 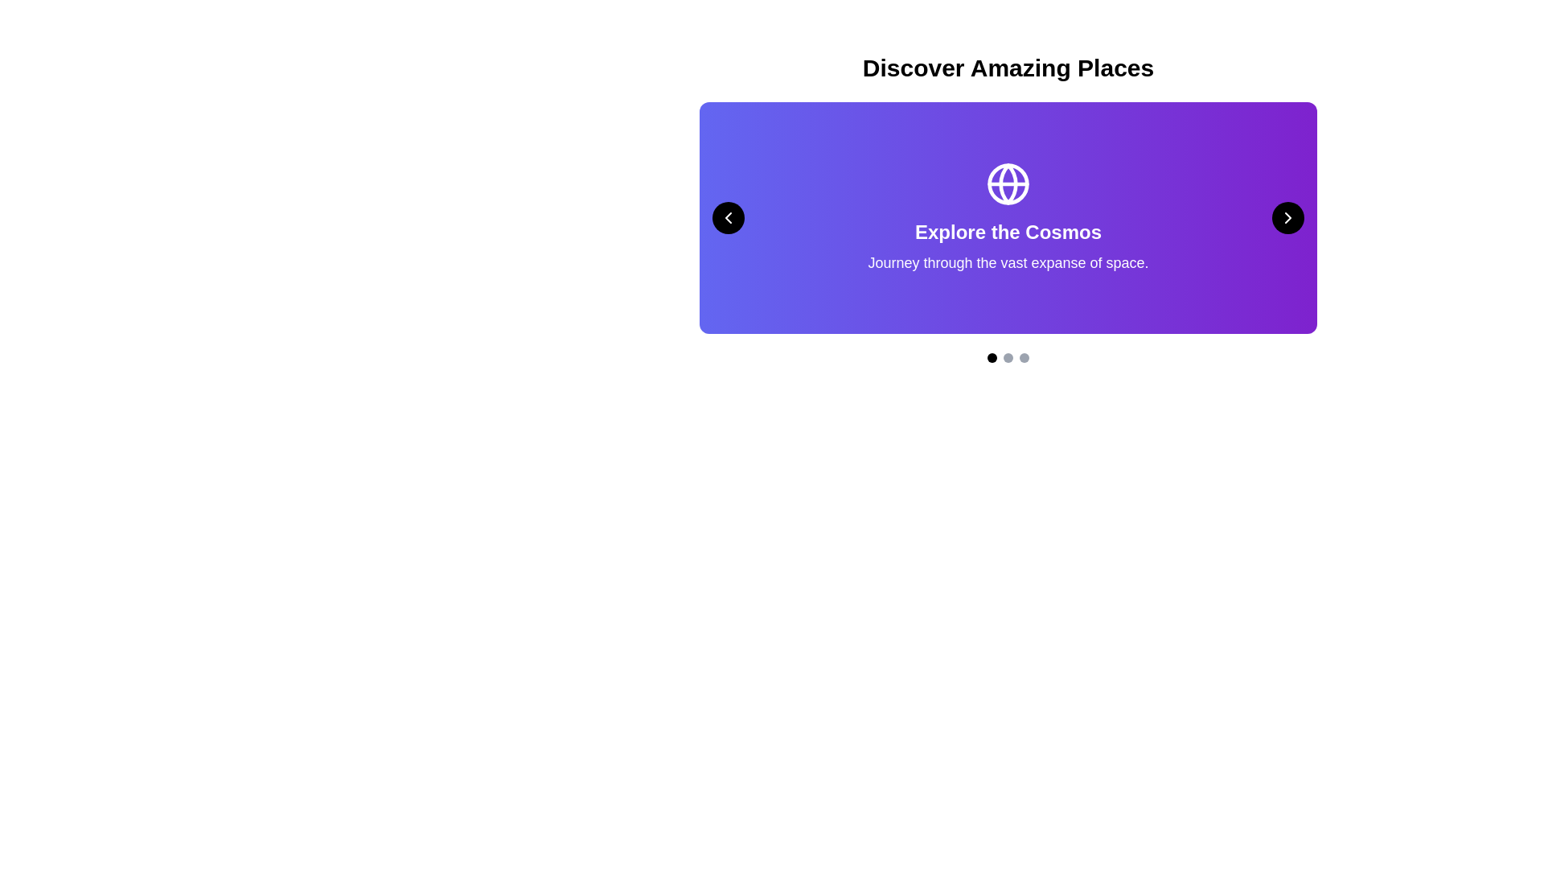 I want to click on the left chevron icon inside the circular button, so click(x=728, y=217).